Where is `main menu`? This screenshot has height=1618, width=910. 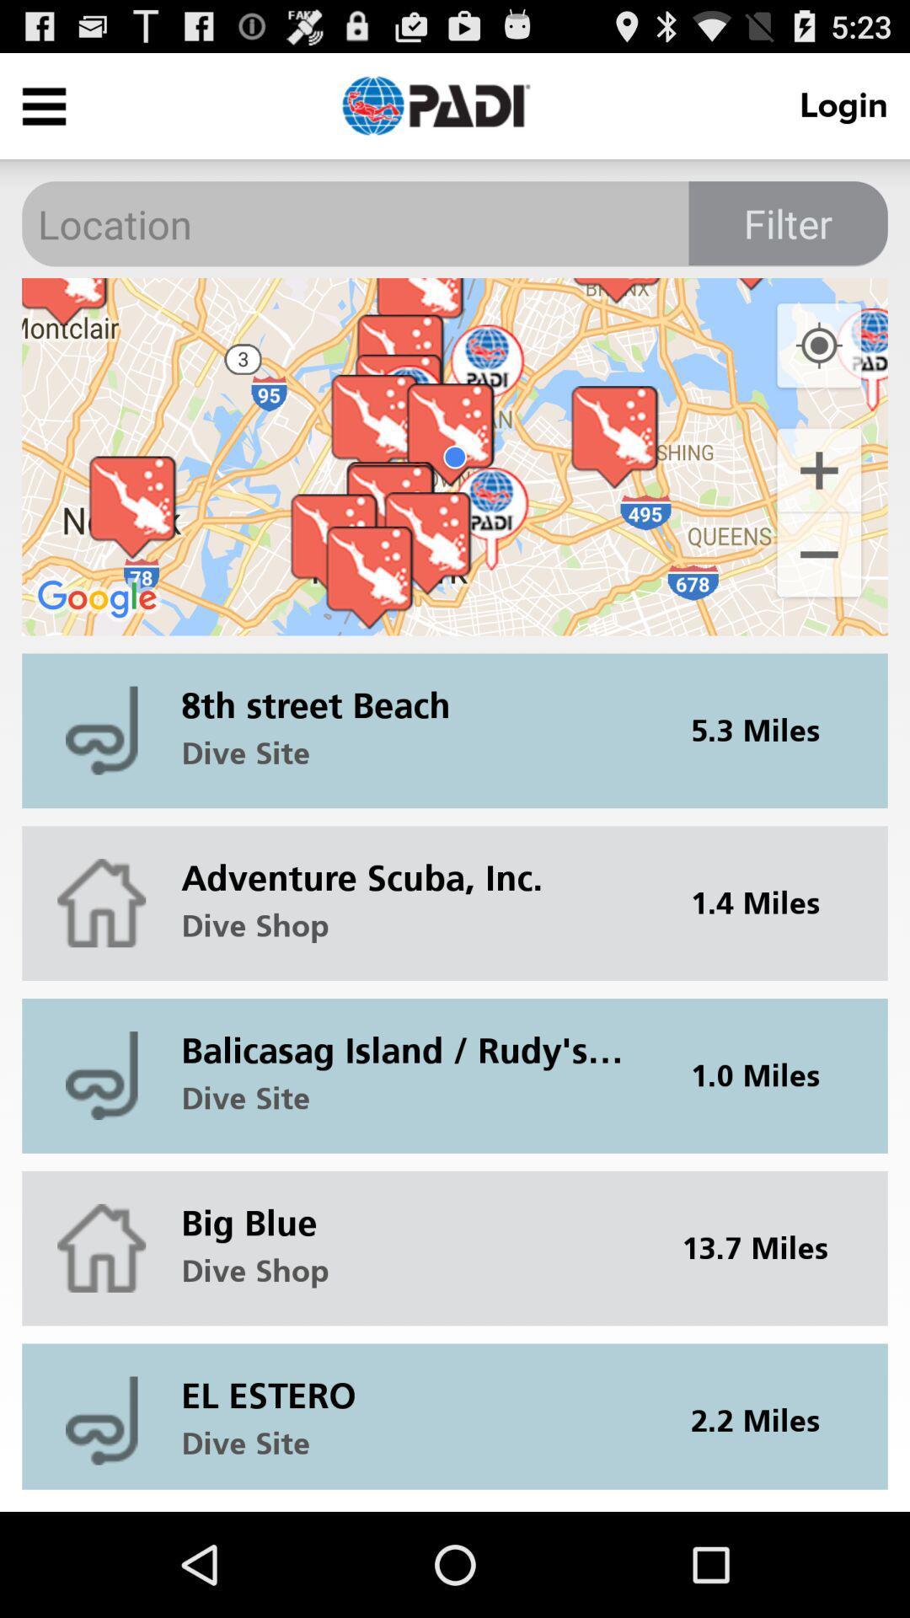 main menu is located at coordinates (43, 104).